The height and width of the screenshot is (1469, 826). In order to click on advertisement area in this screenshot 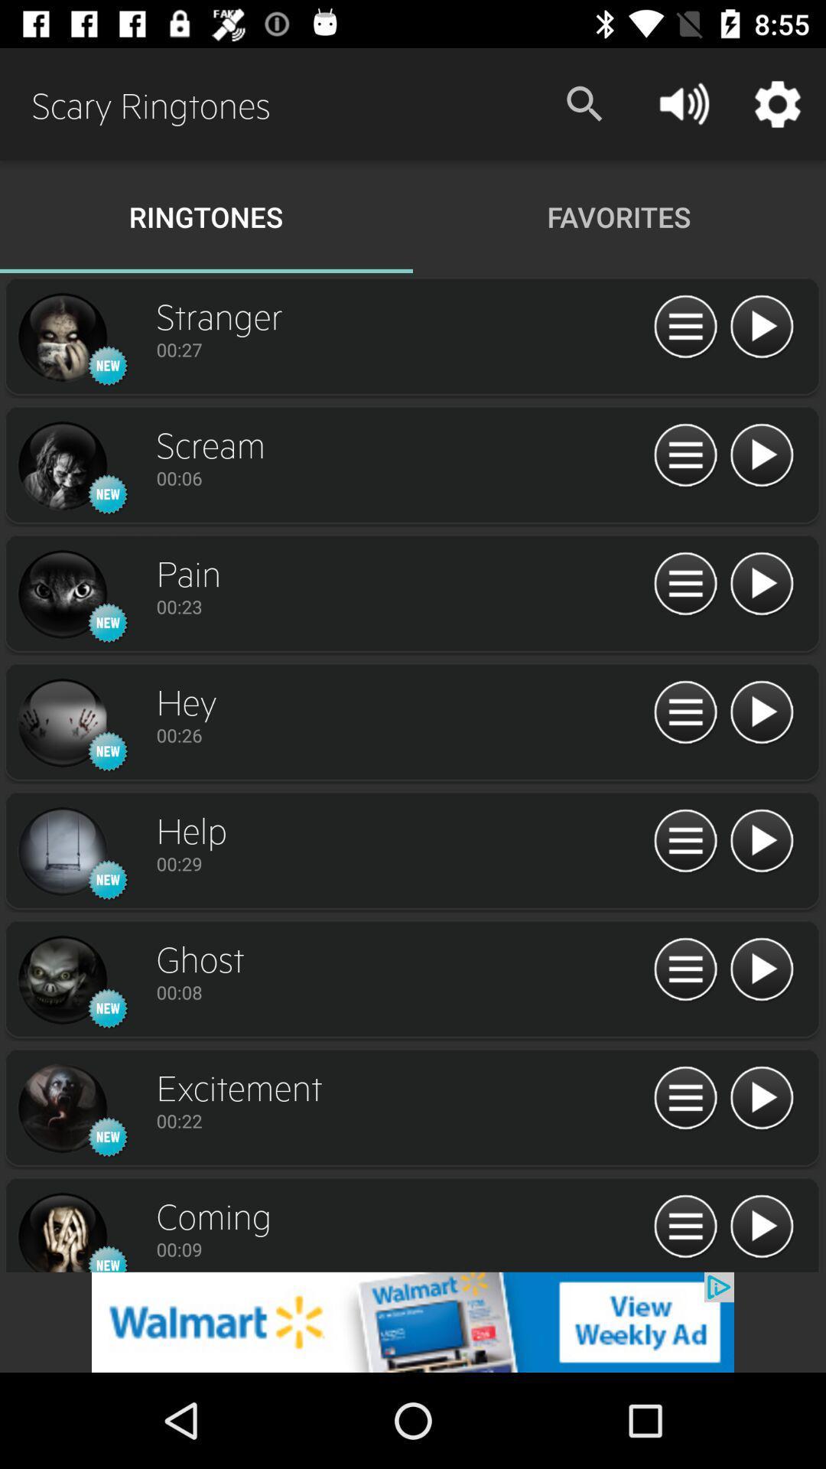, I will do `click(413, 1321)`.